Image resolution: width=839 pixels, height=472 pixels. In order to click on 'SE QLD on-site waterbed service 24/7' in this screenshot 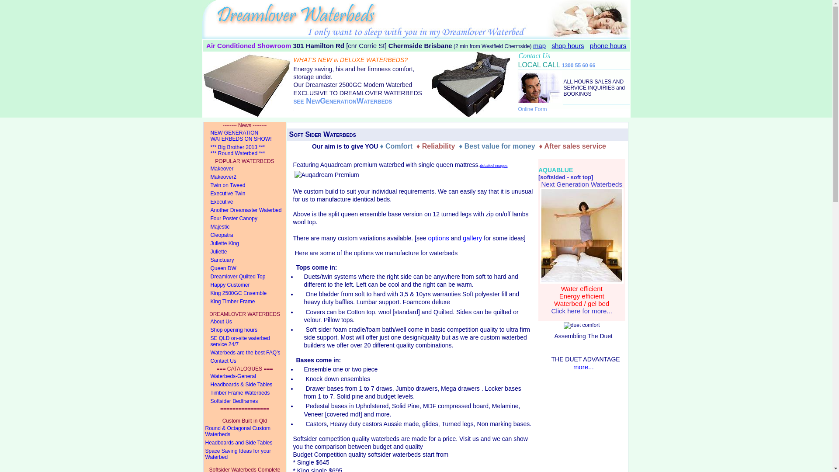, I will do `click(244, 341)`.